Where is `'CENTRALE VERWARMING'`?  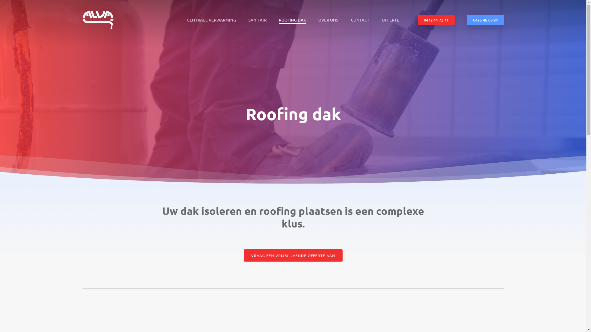 'CENTRALE VERWARMING' is located at coordinates (187, 19).